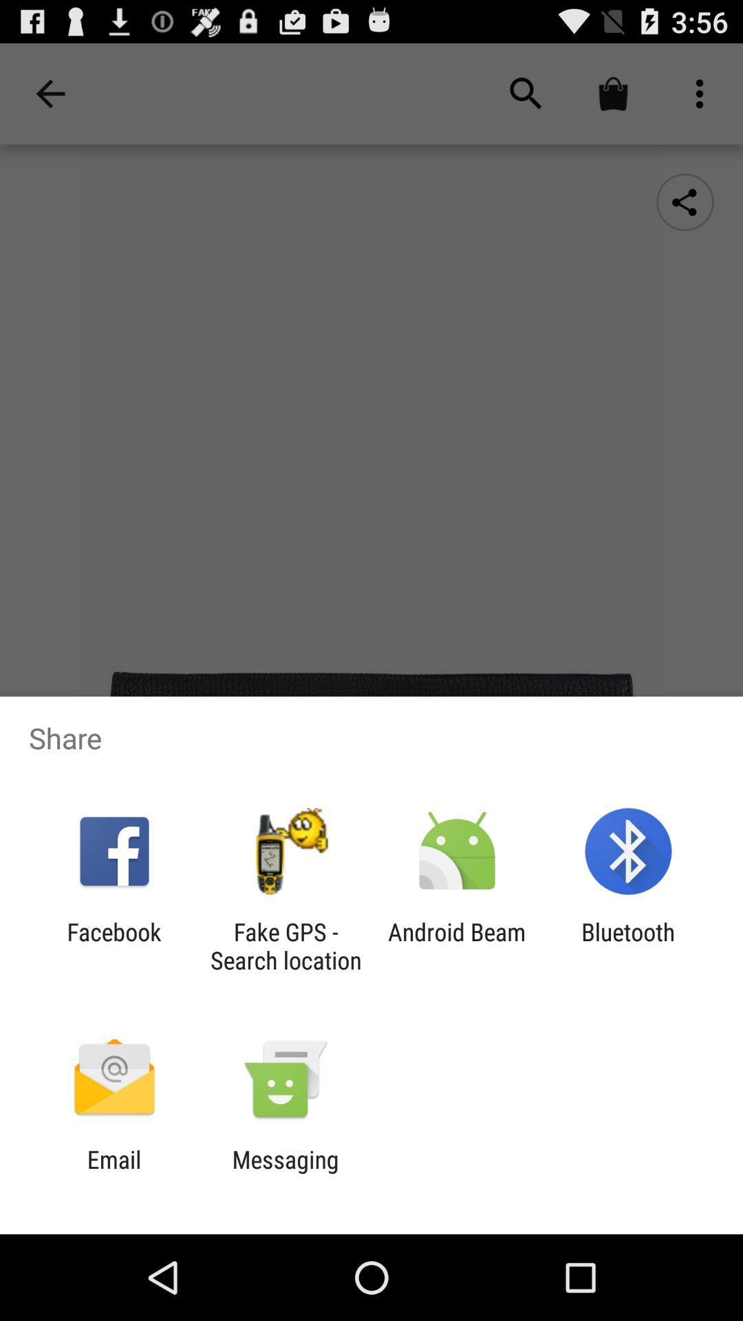 The height and width of the screenshot is (1321, 743). Describe the element at coordinates (285, 945) in the screenshot. I see `icon to the right of facebook icon` at that location.